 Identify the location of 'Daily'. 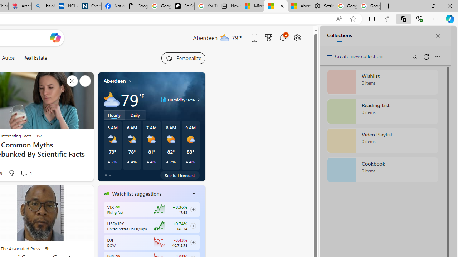
(135, 114).